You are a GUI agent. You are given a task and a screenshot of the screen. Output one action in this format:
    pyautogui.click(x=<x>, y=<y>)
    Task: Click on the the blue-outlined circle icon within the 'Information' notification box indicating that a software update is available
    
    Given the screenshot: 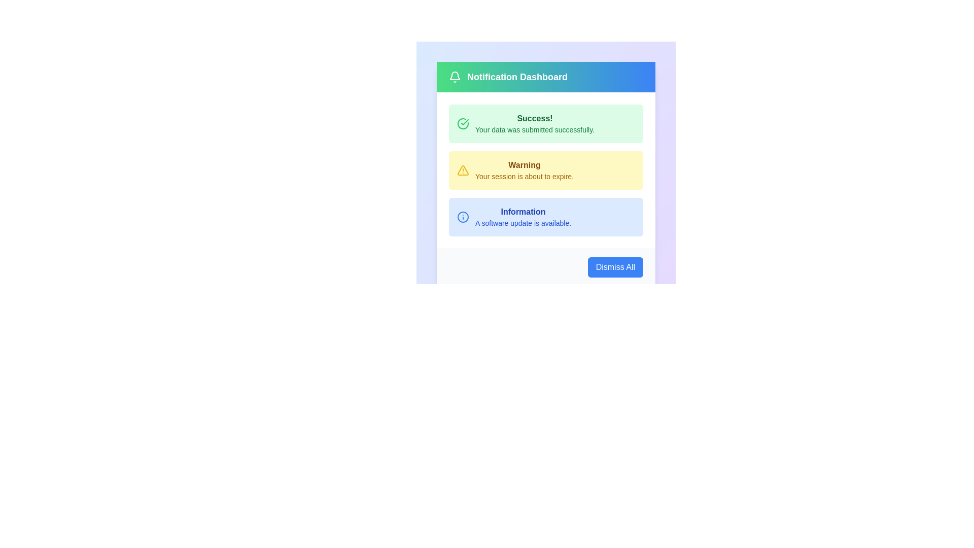 What is the action you would take?
    pyautogui.click(x=462, y=217)
    